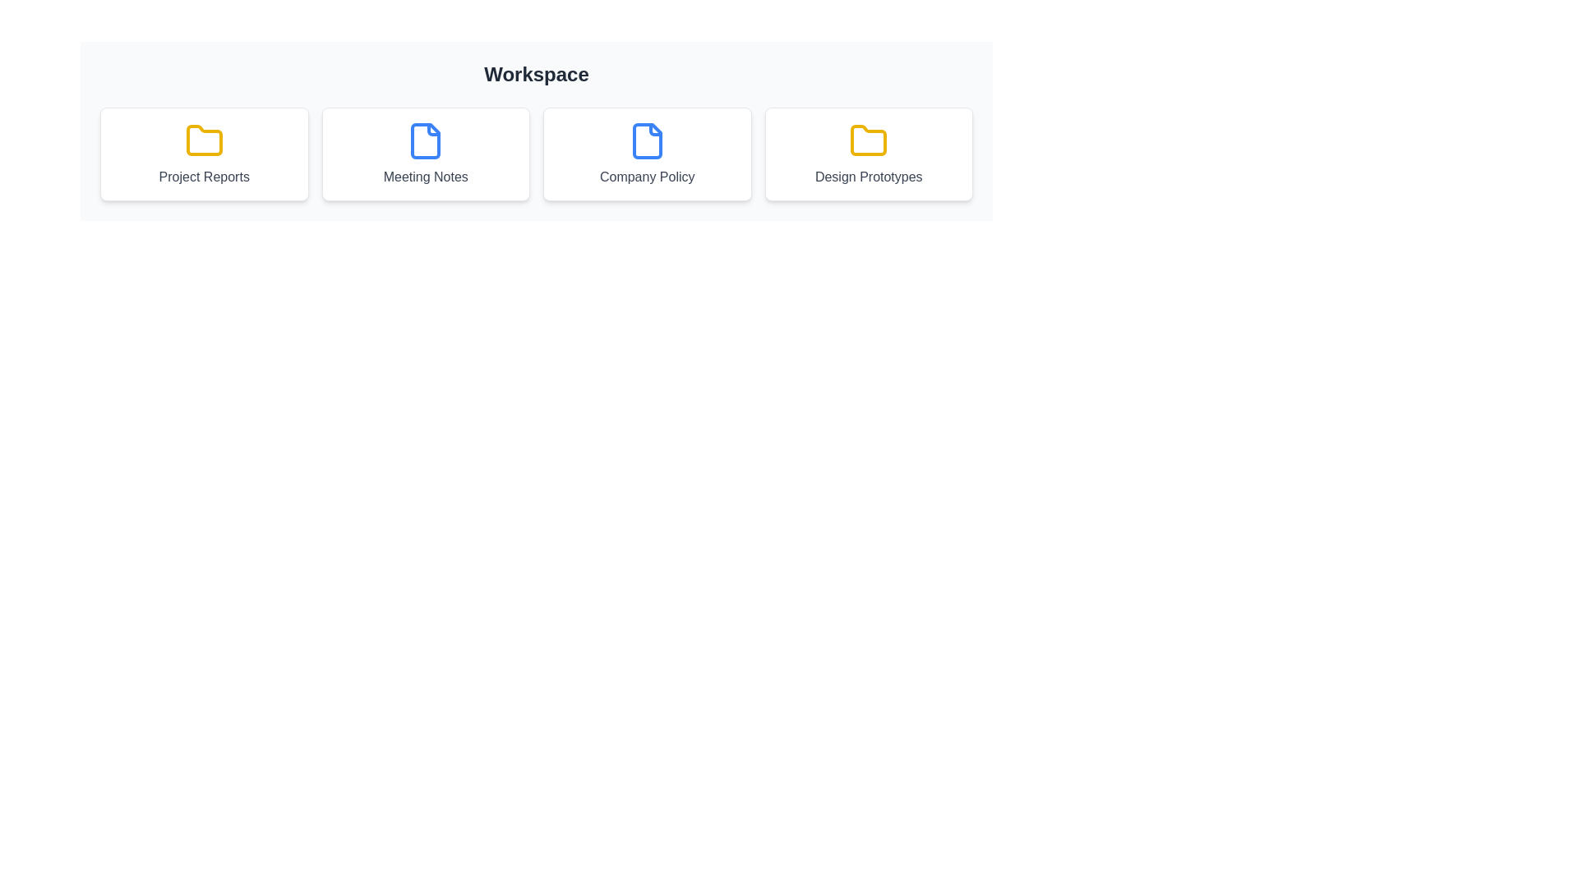  I want to click on the blue file icon located above the text 'Meeting Notes' in the second card from the left in the top row of the workspace layout, so click(426, 140).